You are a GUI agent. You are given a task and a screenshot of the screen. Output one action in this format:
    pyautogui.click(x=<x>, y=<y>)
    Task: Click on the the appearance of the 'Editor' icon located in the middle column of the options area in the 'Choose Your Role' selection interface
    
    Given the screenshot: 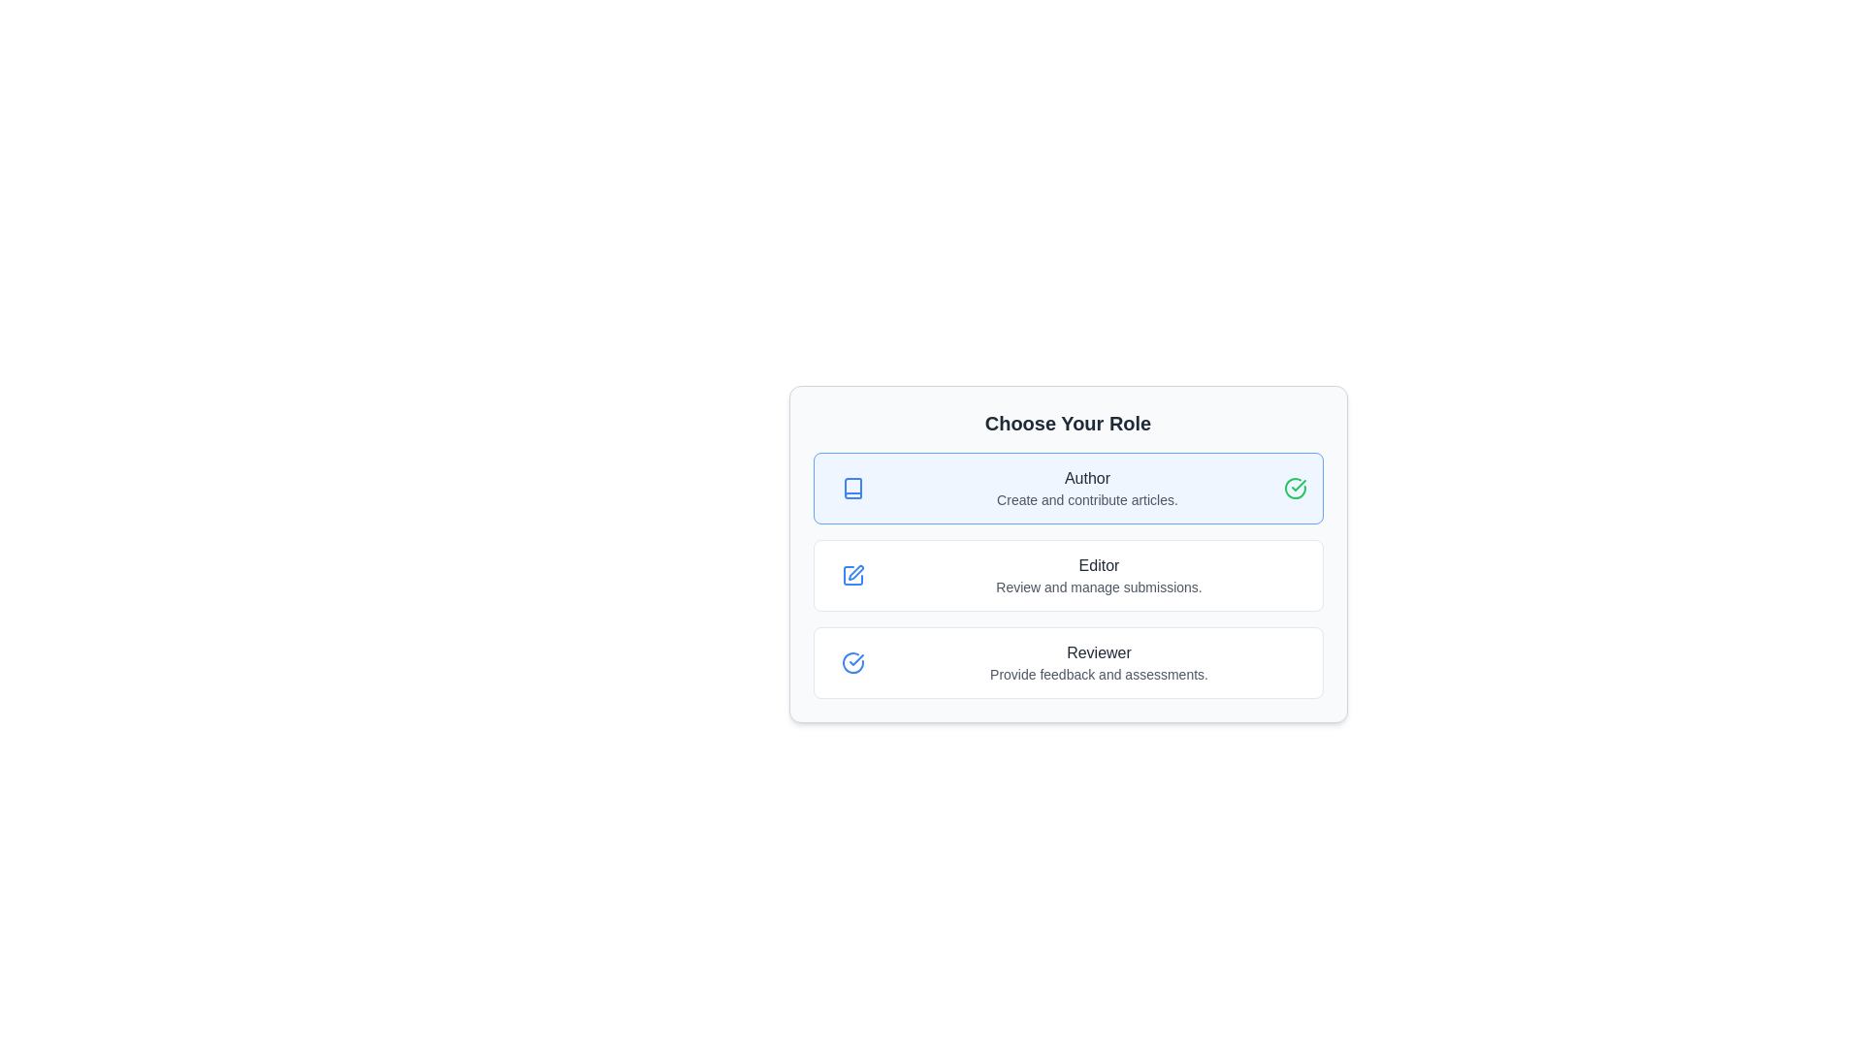 What is the action you would take?
    pyautogui.click(x=852, y=575)
    